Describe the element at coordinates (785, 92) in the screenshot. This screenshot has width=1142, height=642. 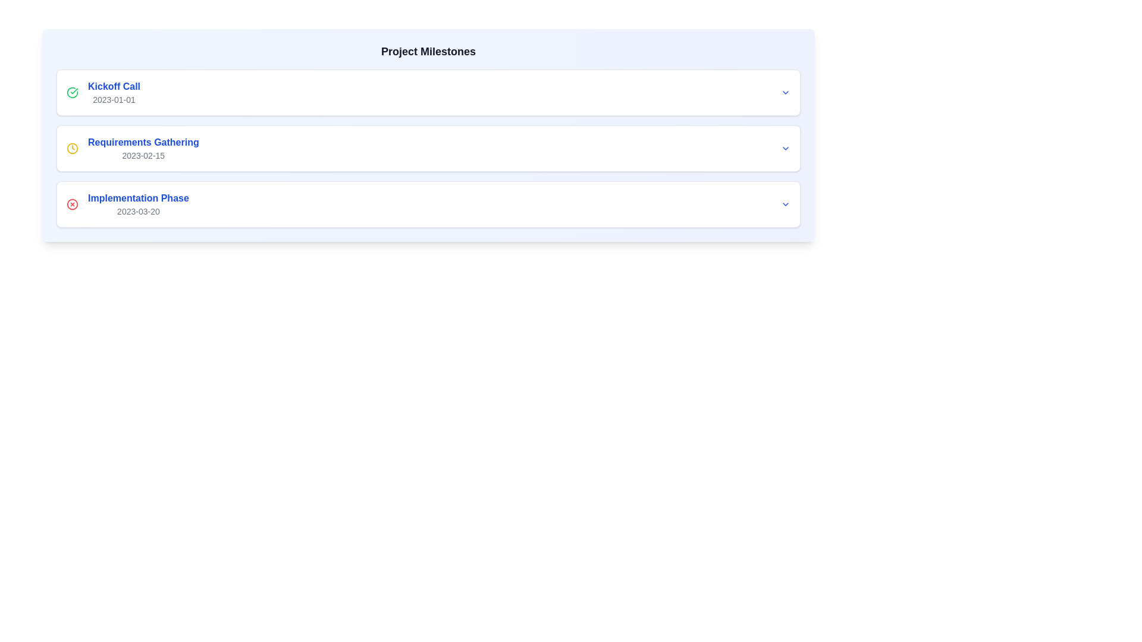
I see `the downward-facing blue arrow icon button located at the right end of the 'Kickoff Call' milestone` at that location.